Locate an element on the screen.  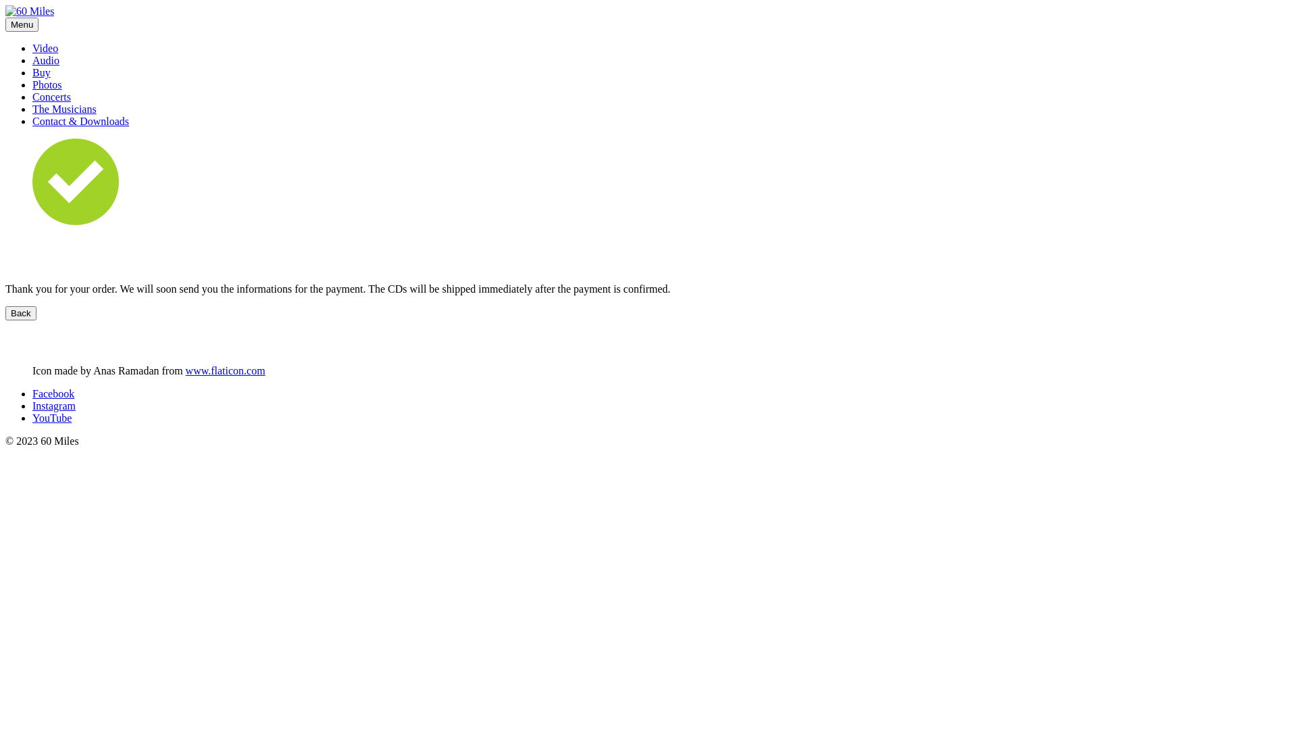
'The Musicians' is located at coordinates (32, 108).